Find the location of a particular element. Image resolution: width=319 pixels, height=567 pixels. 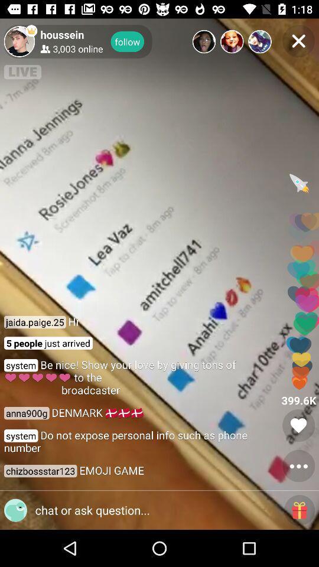

the more icon is located at coordinates (298, 466).